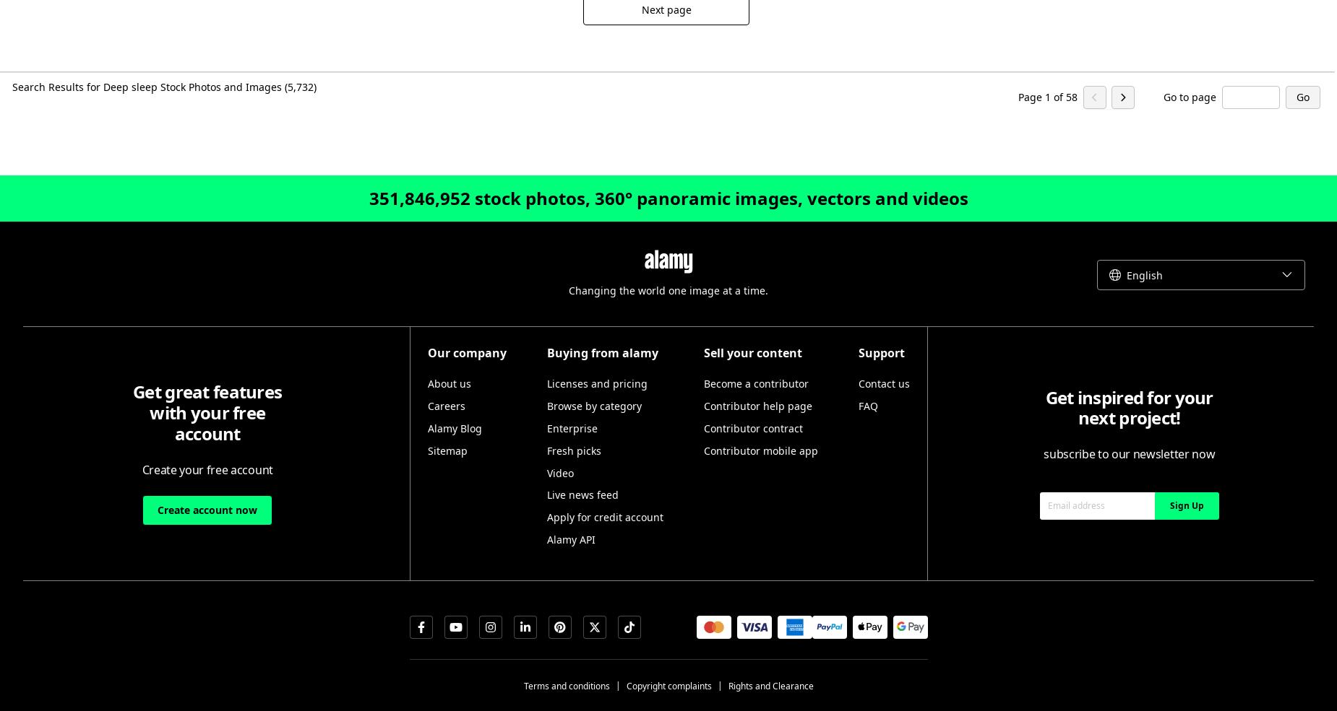  Describe the element at coordinates (1075, 505) in the screenshot. I see `'Email address'` at that location.